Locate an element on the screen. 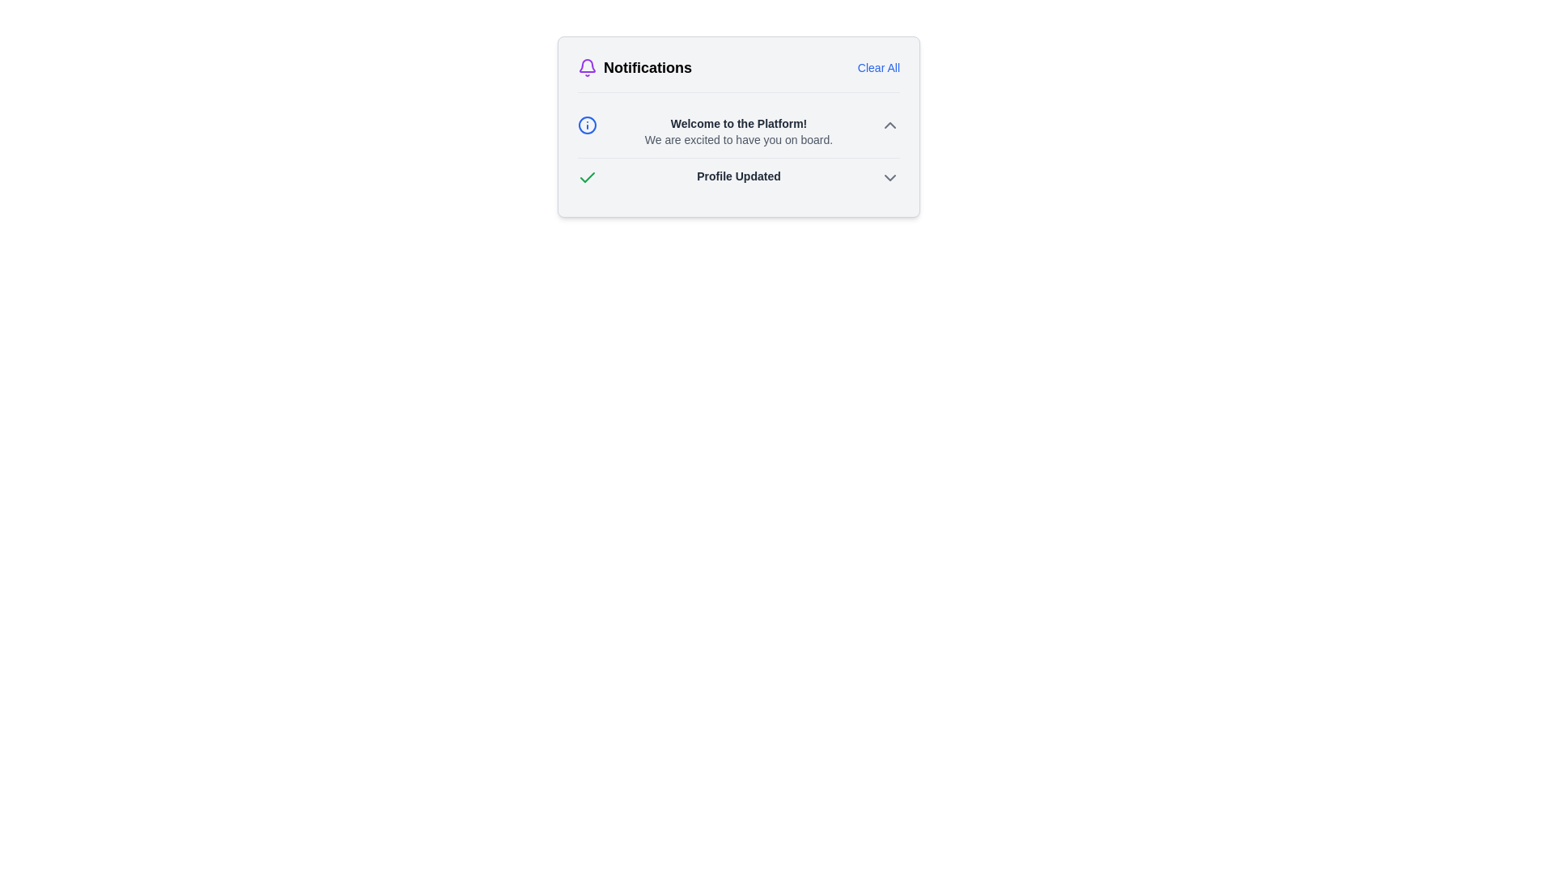 The image size is (1554, 874). the green checkmark icon that indicates 'Profile Updated', located next to the text 'Profile Updated' is located at coordinates (586, 177).